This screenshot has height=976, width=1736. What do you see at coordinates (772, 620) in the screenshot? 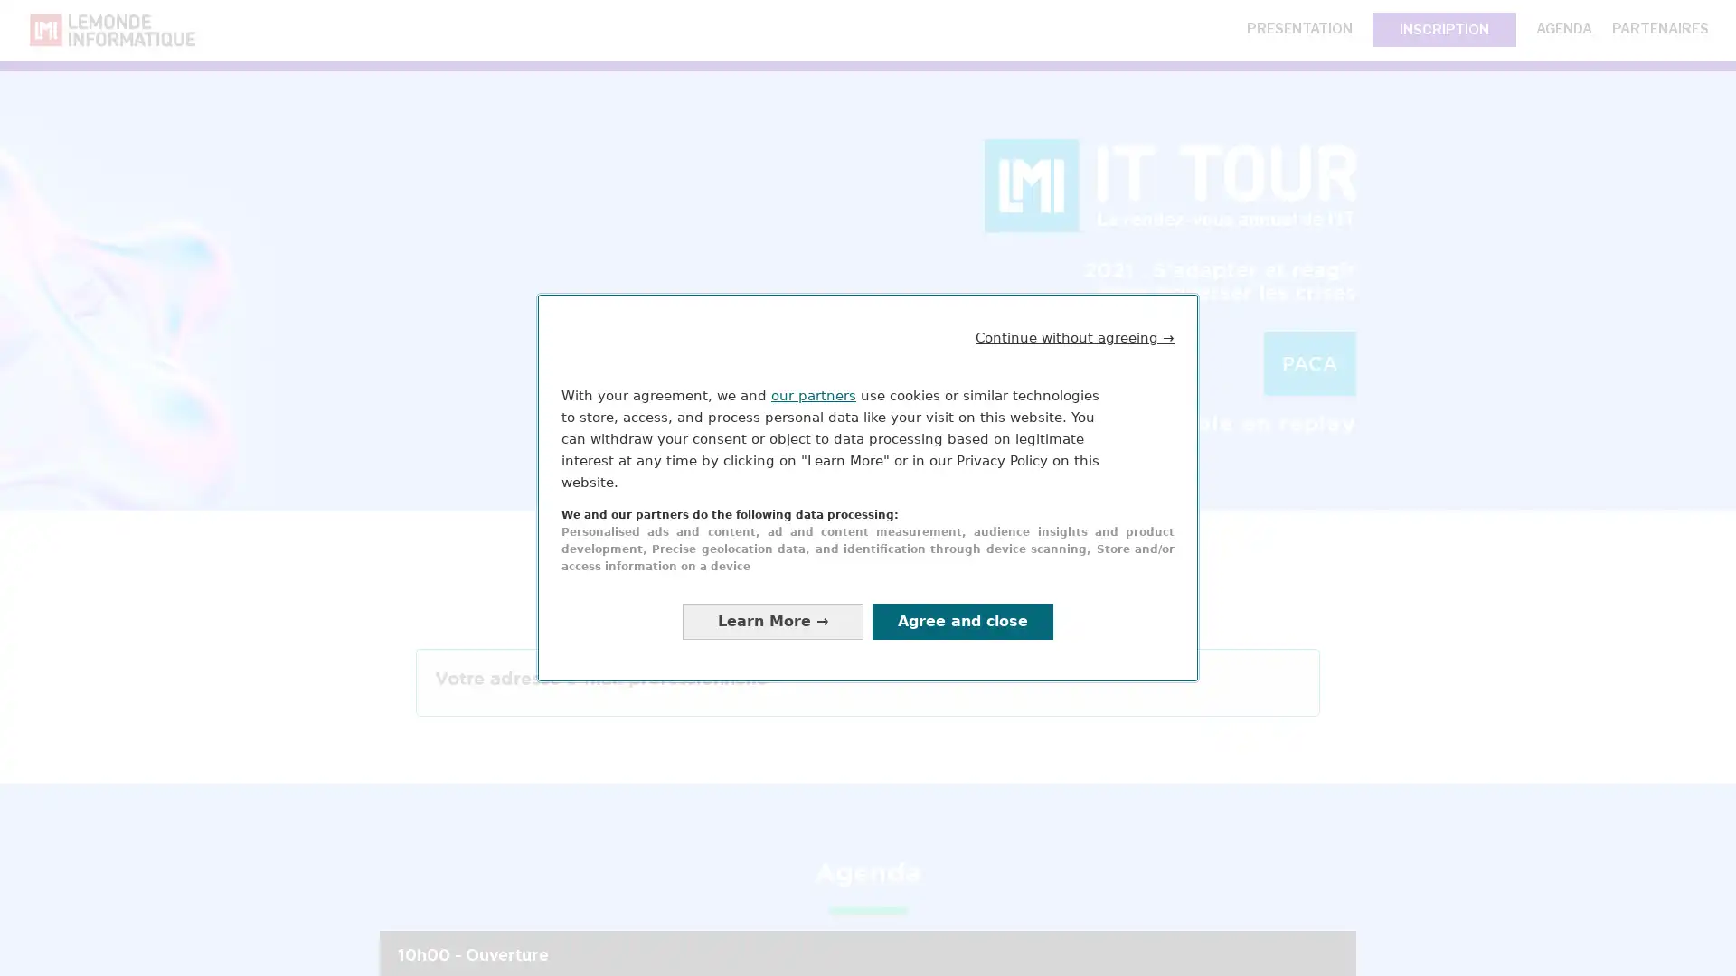
I see `Configure your consents` at bounding box center [772, 620].